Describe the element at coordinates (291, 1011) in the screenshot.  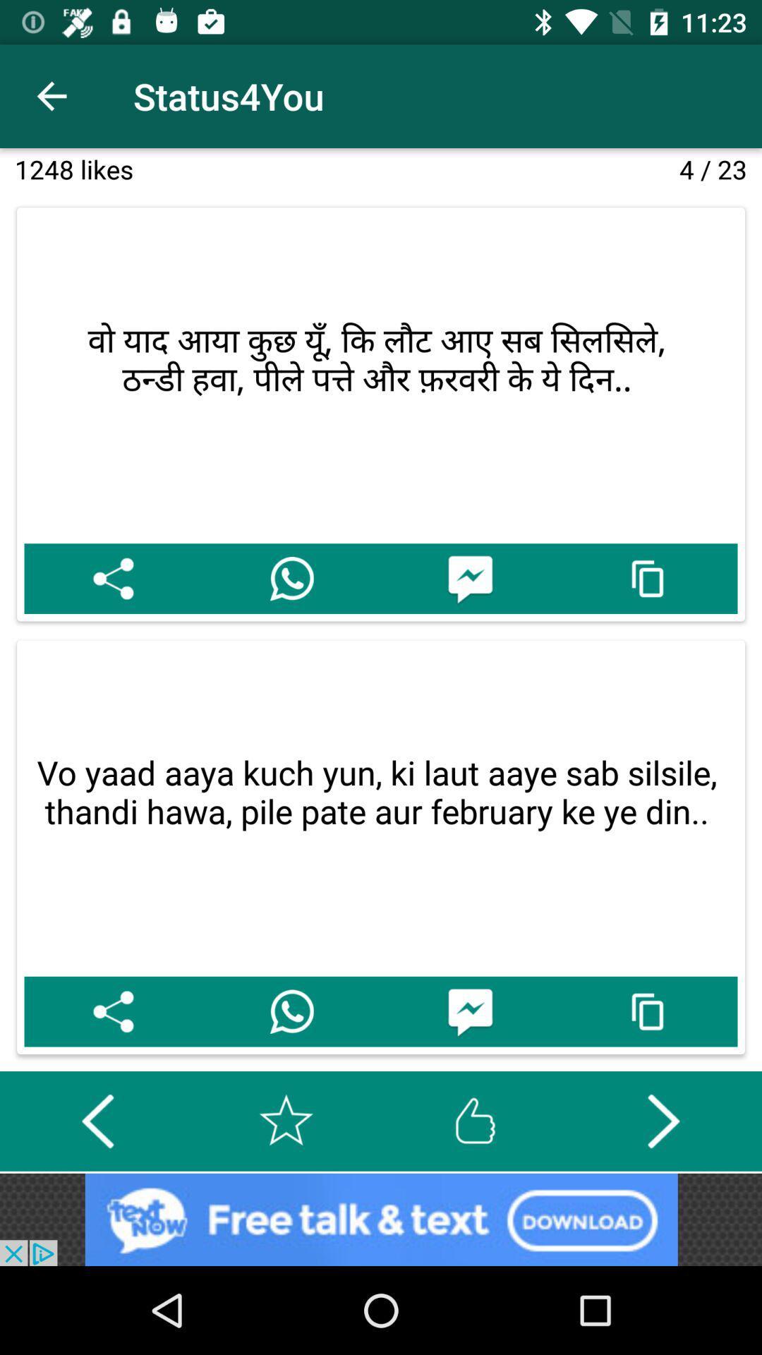
I see `telephone call option` at that location.